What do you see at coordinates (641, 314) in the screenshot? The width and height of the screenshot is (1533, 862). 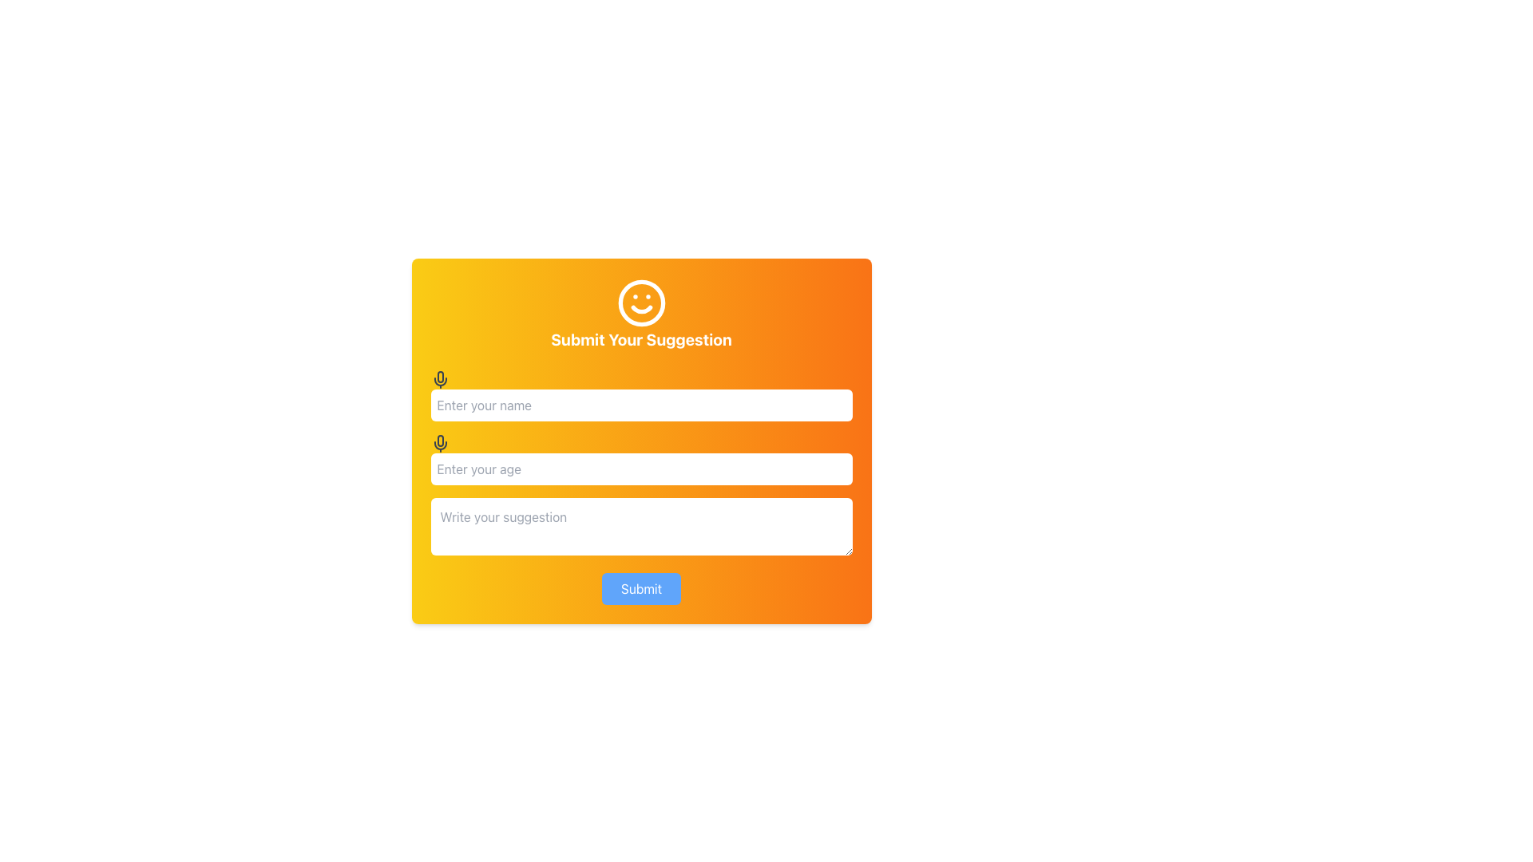 I see `the Text Heading with Icon located at the top center of the form module, which serves as a heading for soliciting user suggestions` at bounding box center [641, 314].